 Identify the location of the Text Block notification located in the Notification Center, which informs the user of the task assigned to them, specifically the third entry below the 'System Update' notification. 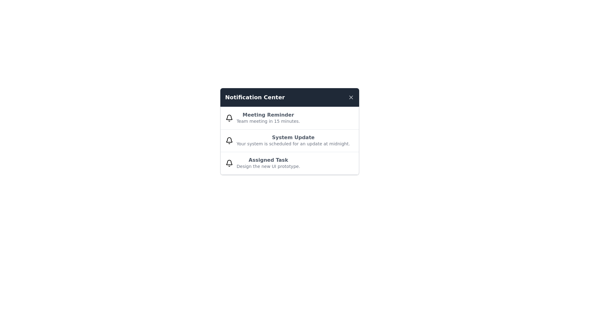
(268, 163).